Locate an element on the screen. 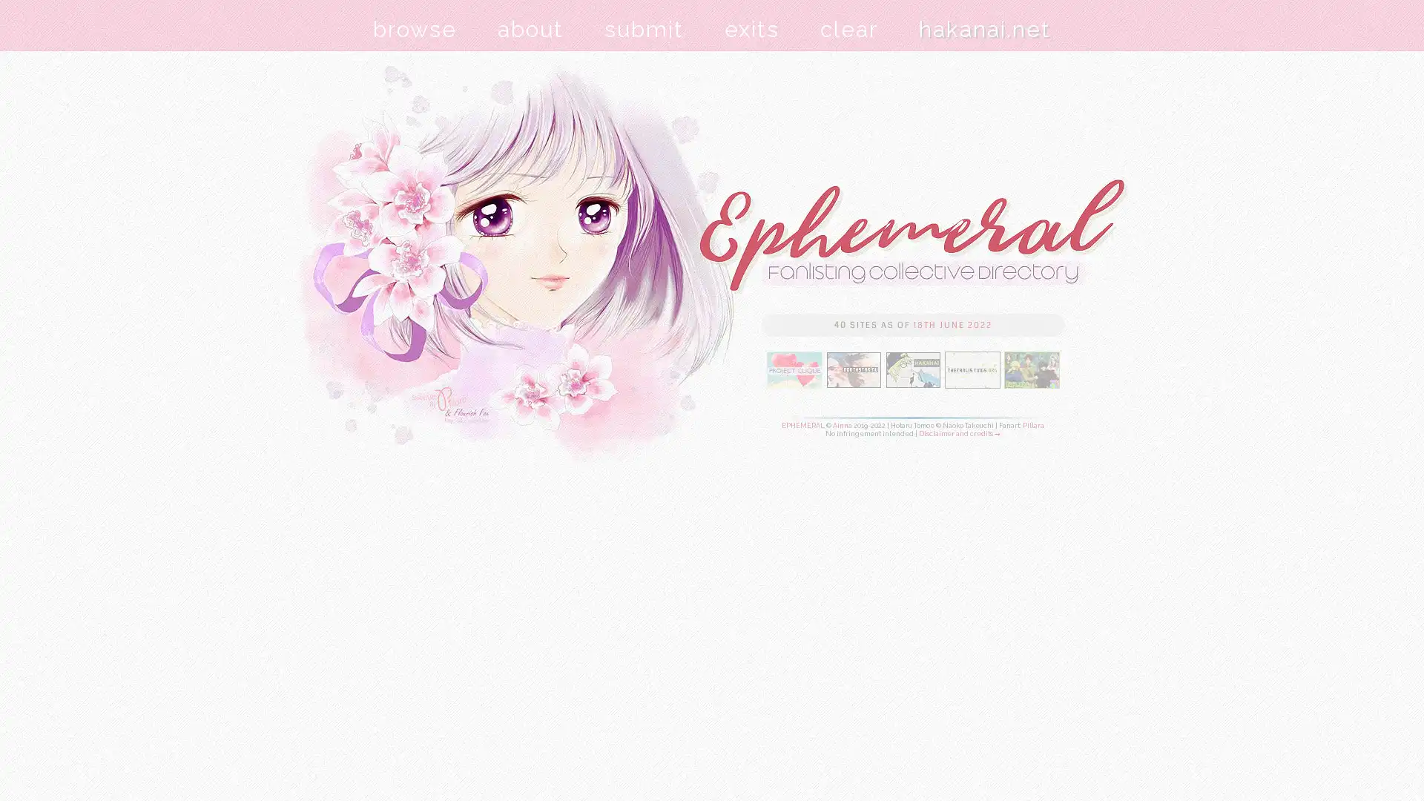  exits is located at coordinates (751, 29).